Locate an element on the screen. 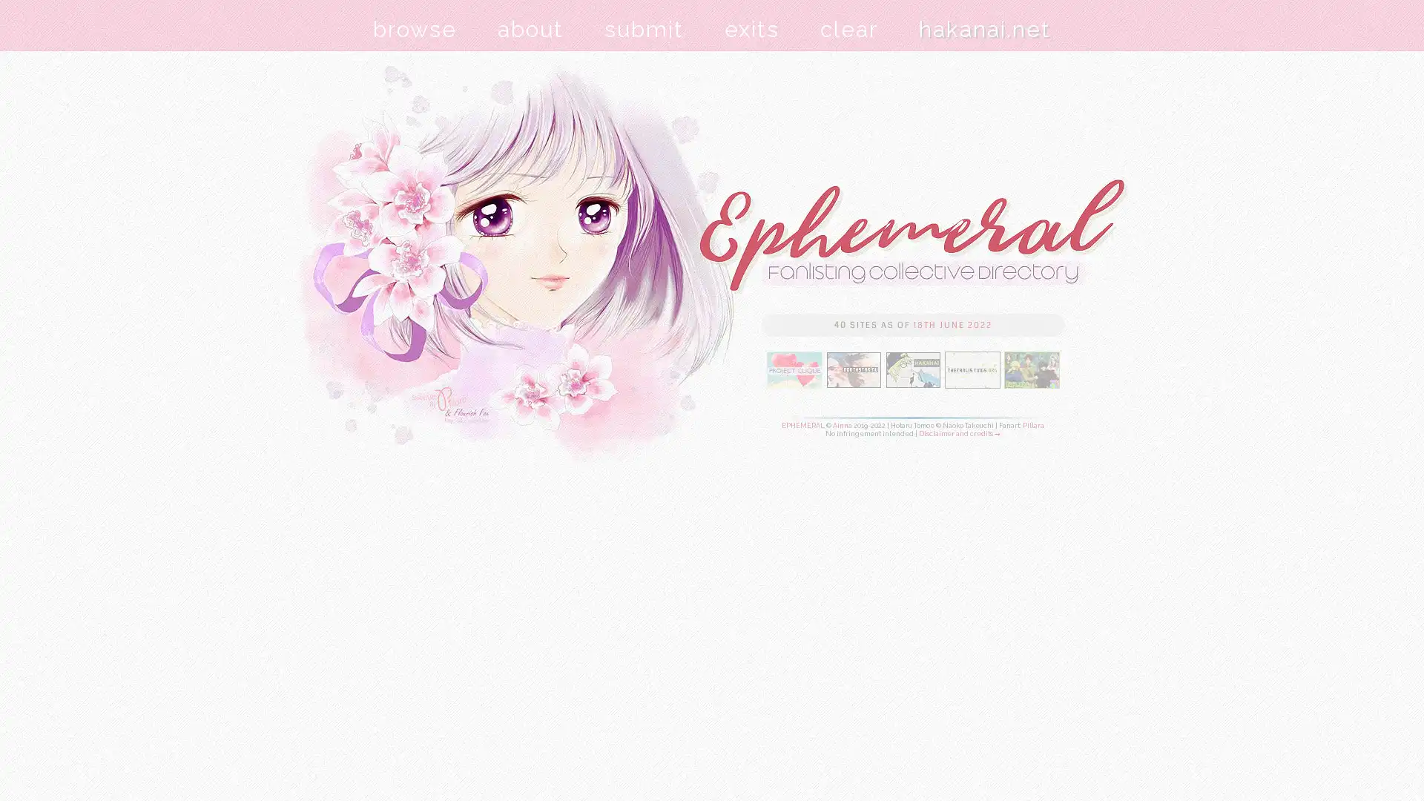  exits is located at coordinates (751, 29).